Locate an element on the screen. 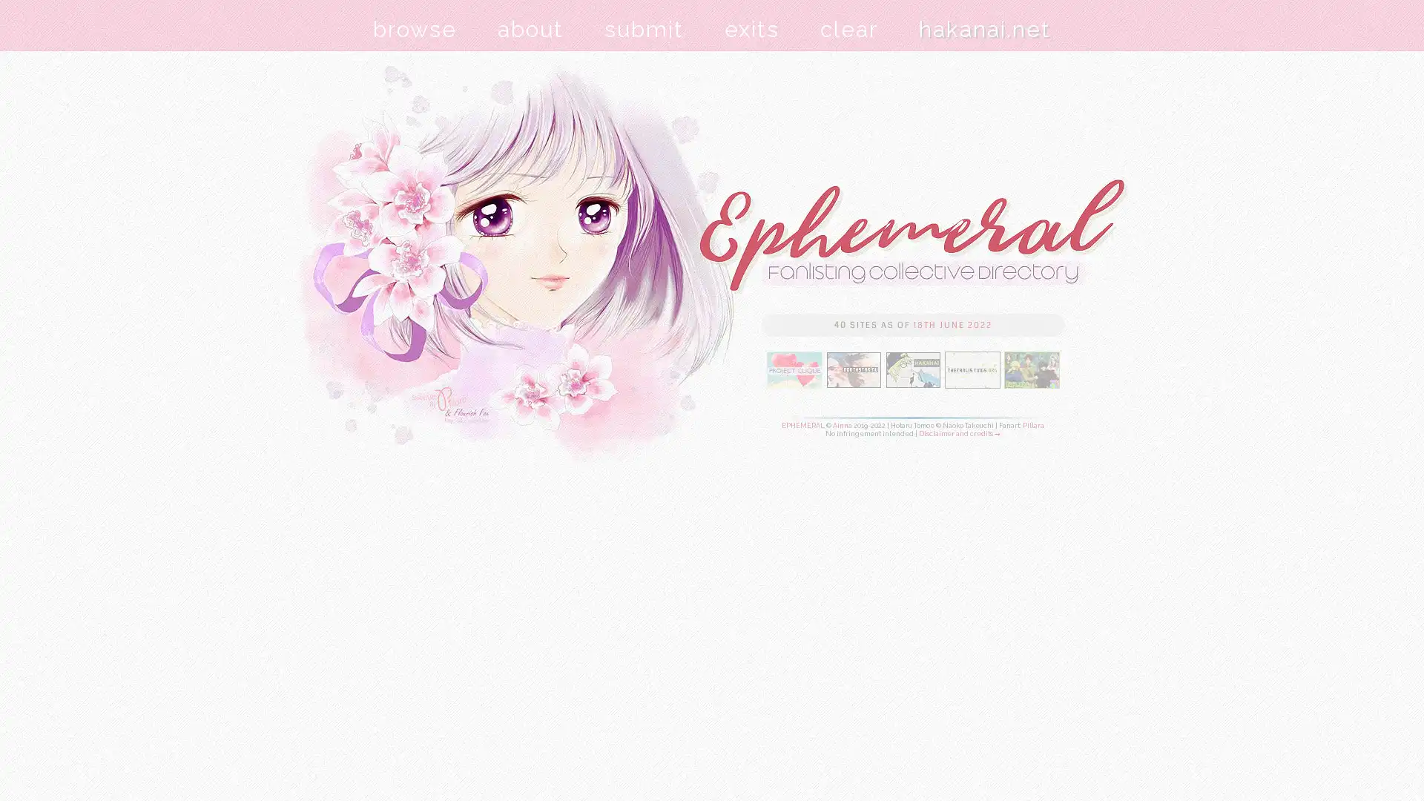  exits is located at coordinates (751, 29).